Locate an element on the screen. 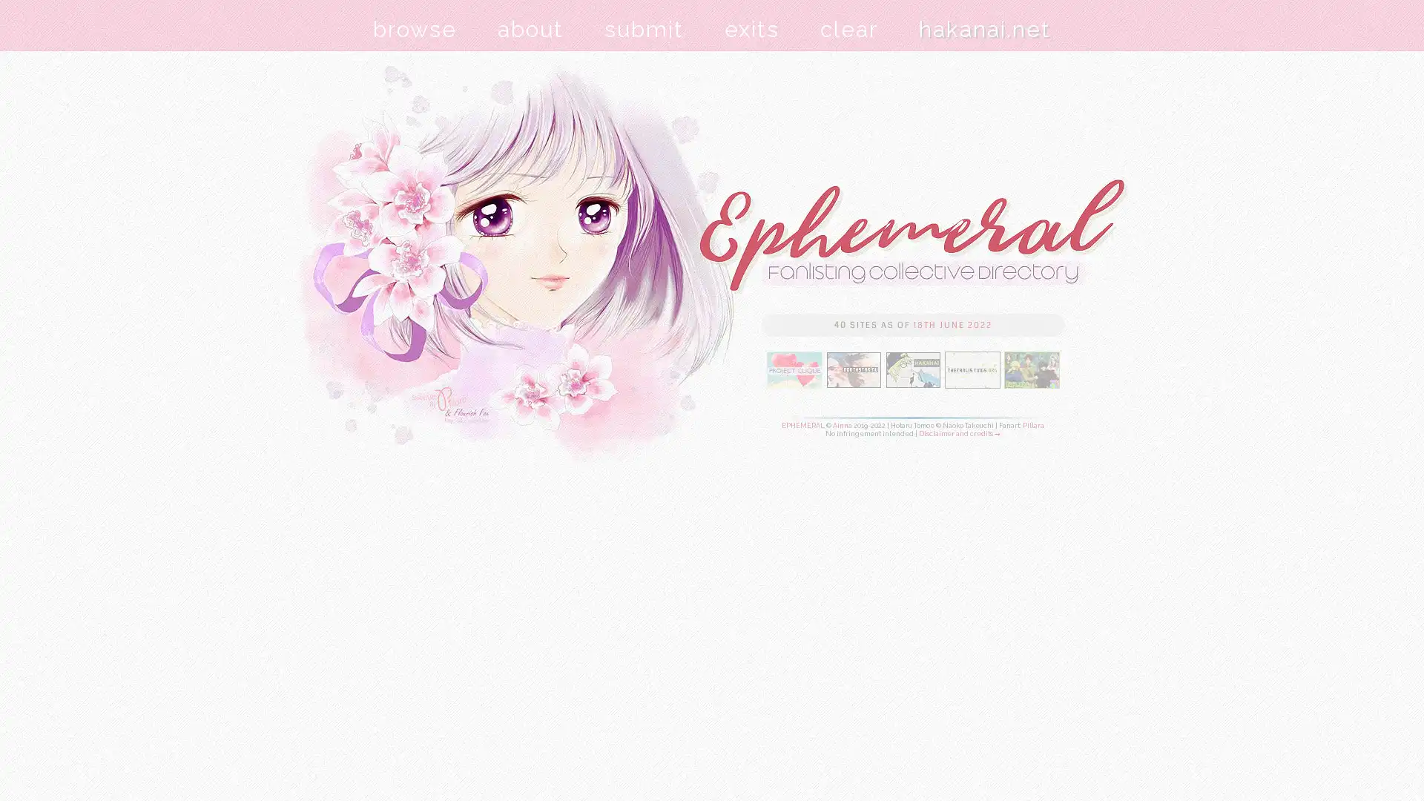  exits is located at coordinates (751, 29).